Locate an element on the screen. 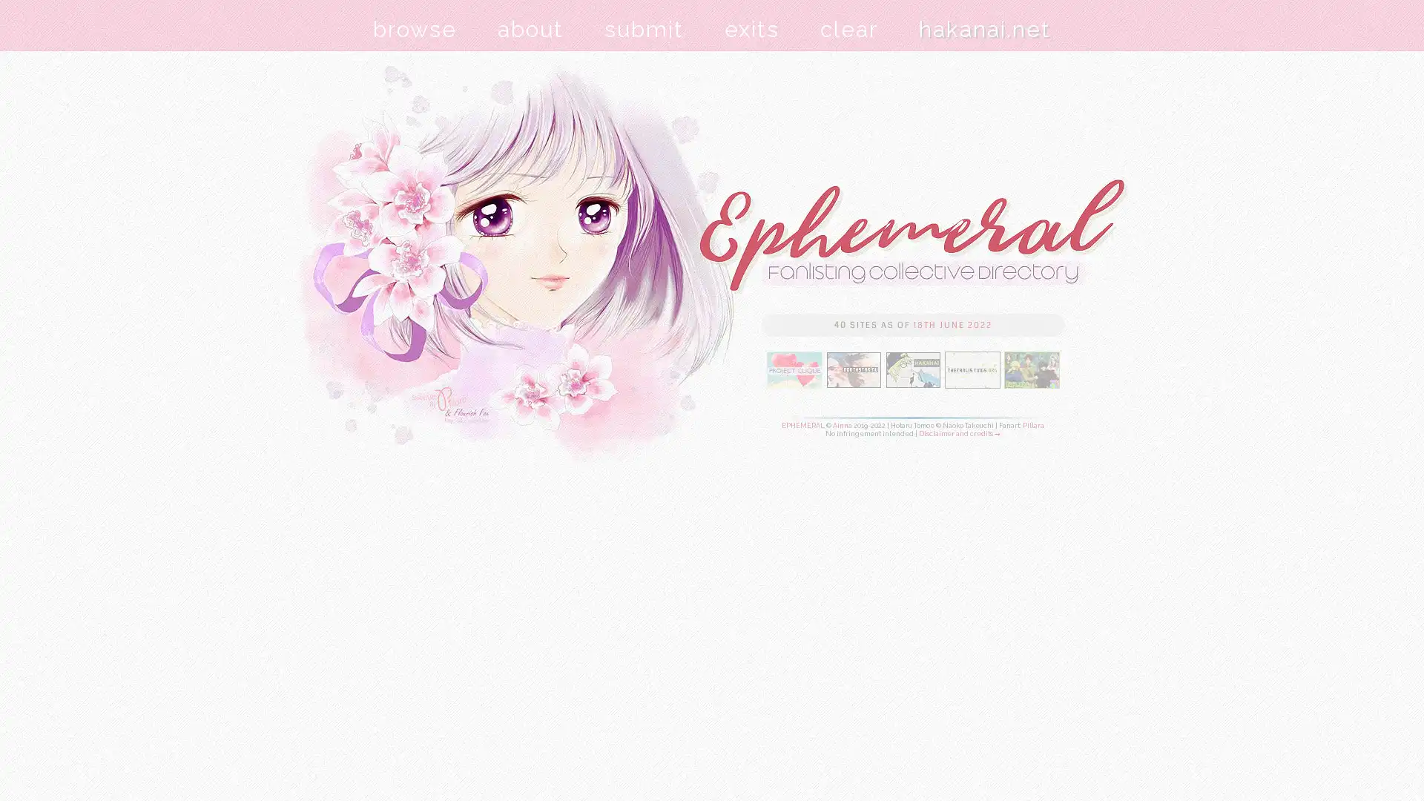  exits is located at coordinates (751, 29).